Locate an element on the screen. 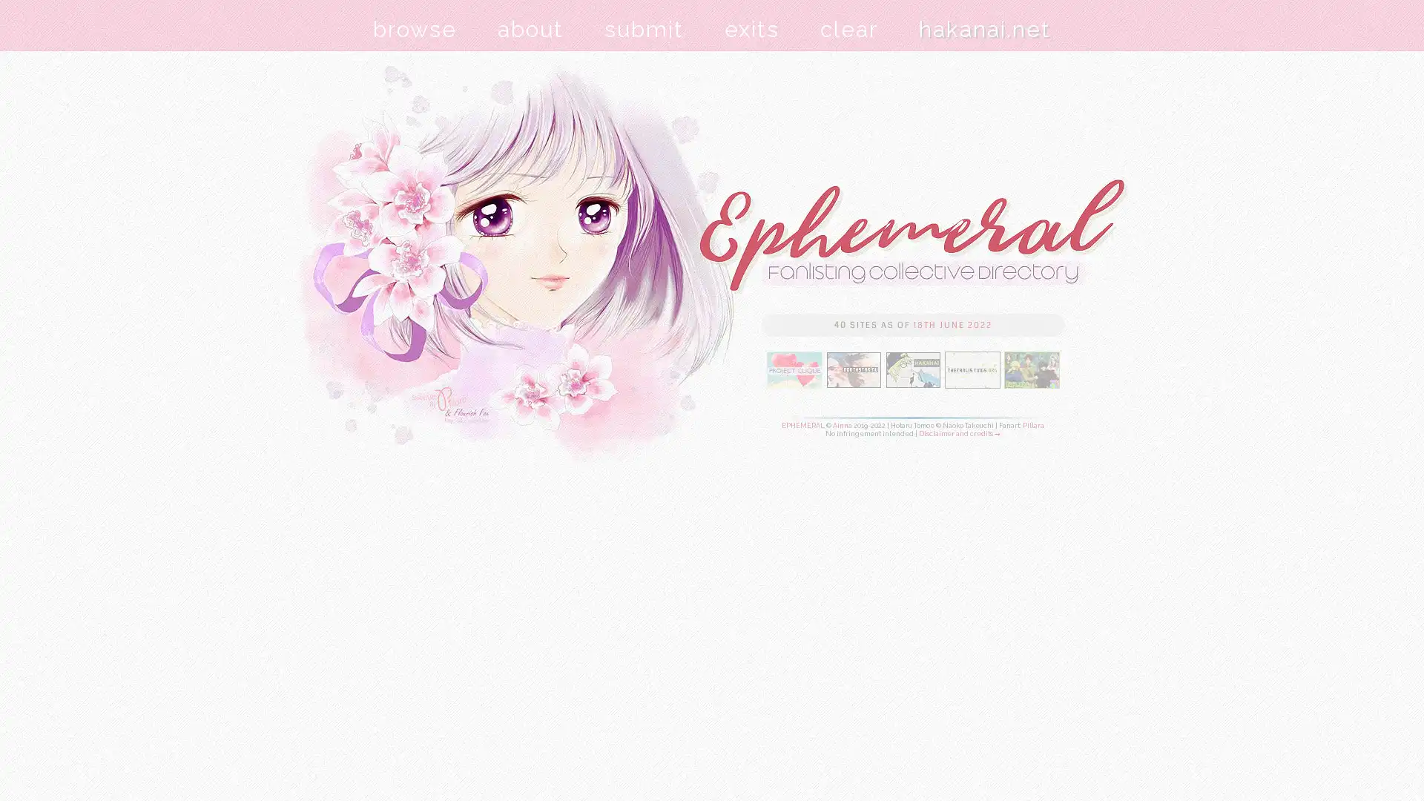  exits is located at coordinates (751, 29).